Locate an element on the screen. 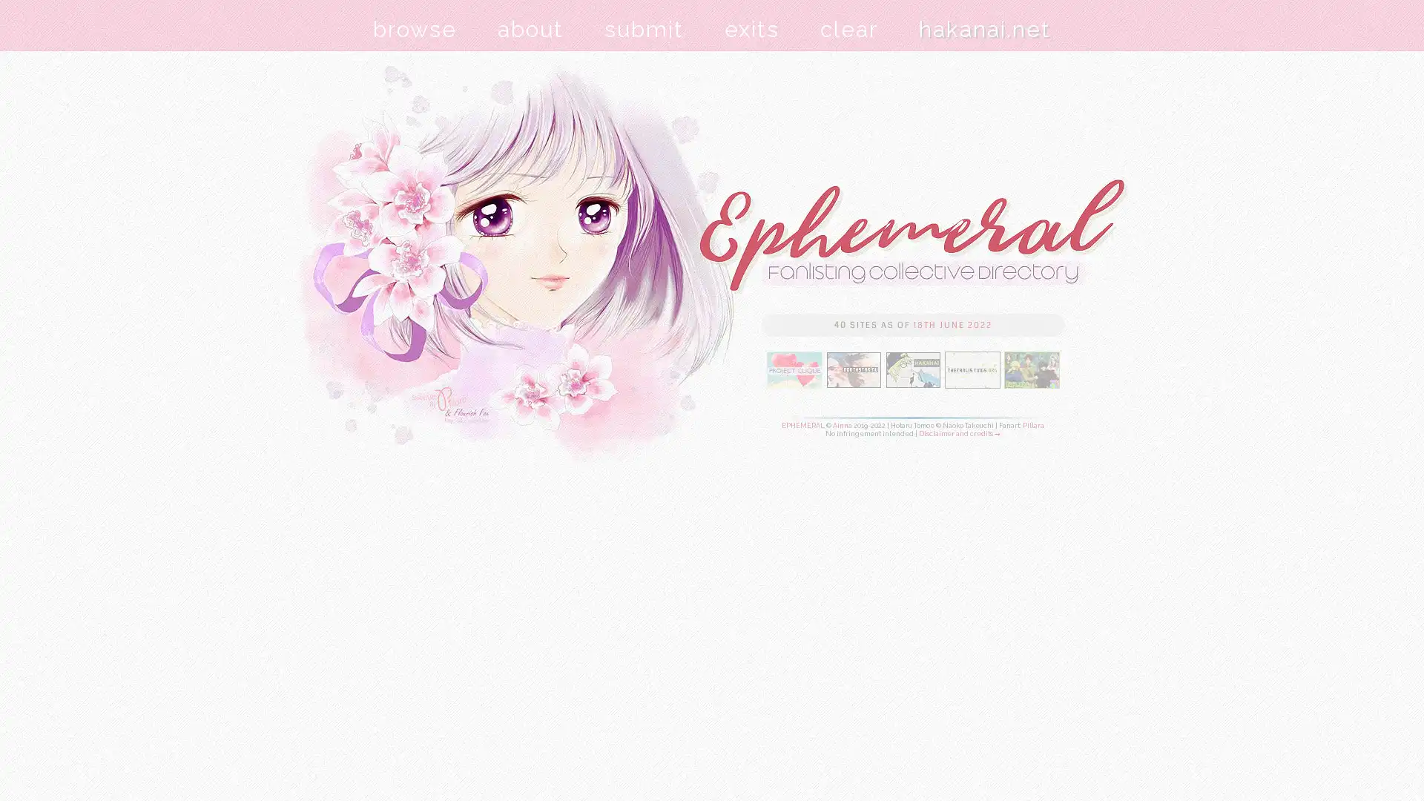  exits is located at coordinates (751, 29).